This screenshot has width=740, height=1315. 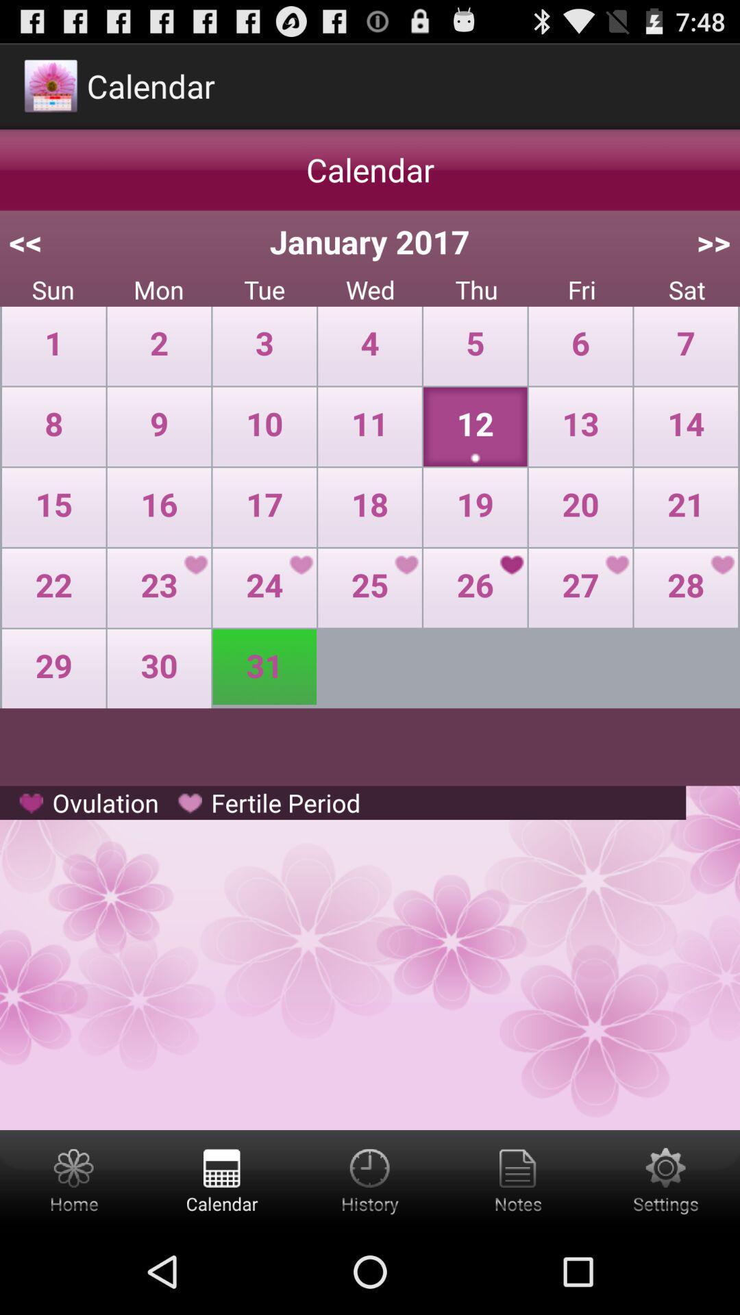 What do you see at coordinates (370, 1179) in the screenshot?
I see `date` at bounding box center [370, 1179].